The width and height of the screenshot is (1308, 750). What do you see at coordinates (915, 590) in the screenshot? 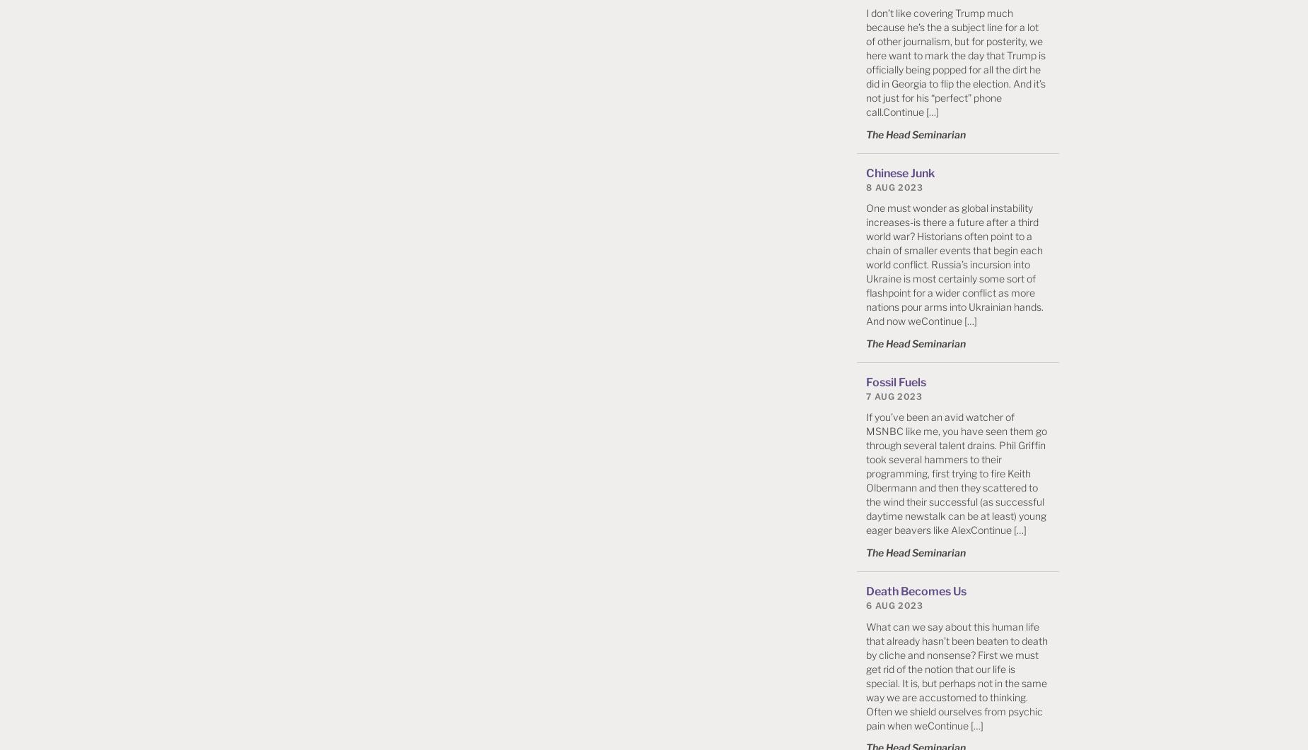
I see `'Death Becomes Us'` at bounding box center [915, 590].